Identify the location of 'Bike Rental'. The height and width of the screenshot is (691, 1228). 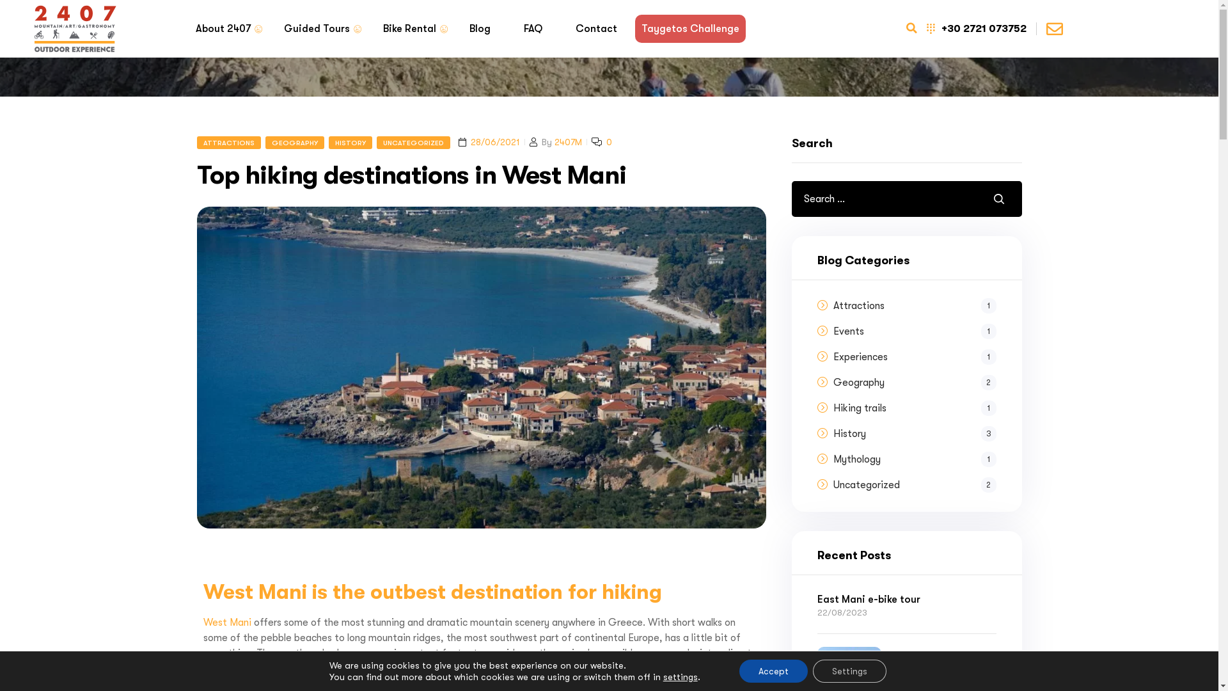
(408, 29).